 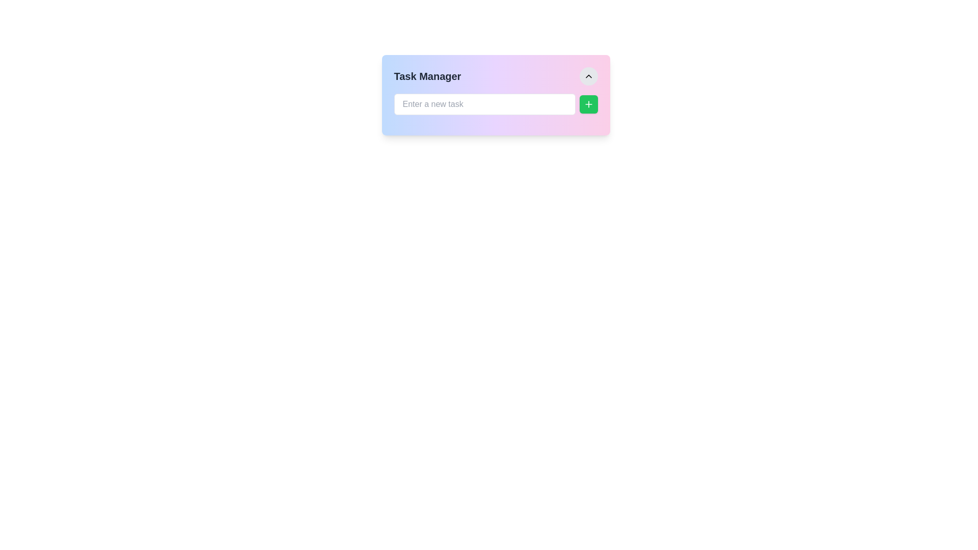 What do you see at coordinates (588, 76) in the screenshot?
I see `the upward-pointing triangular arrow icon within the circular button located in the upper right side of the task management modal` at bounding box center [588, 76].